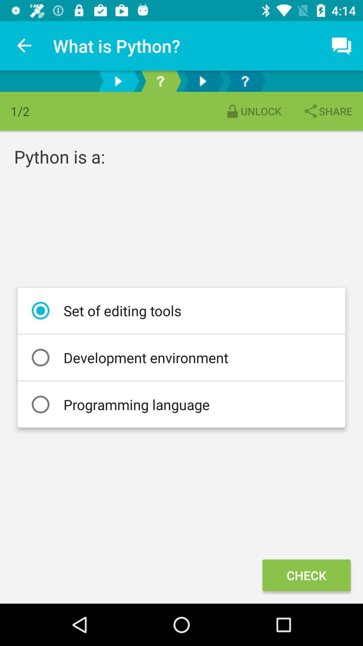 This screenshot has width=363, height=646. I want to click on the item next to the share, so click(253, 111).